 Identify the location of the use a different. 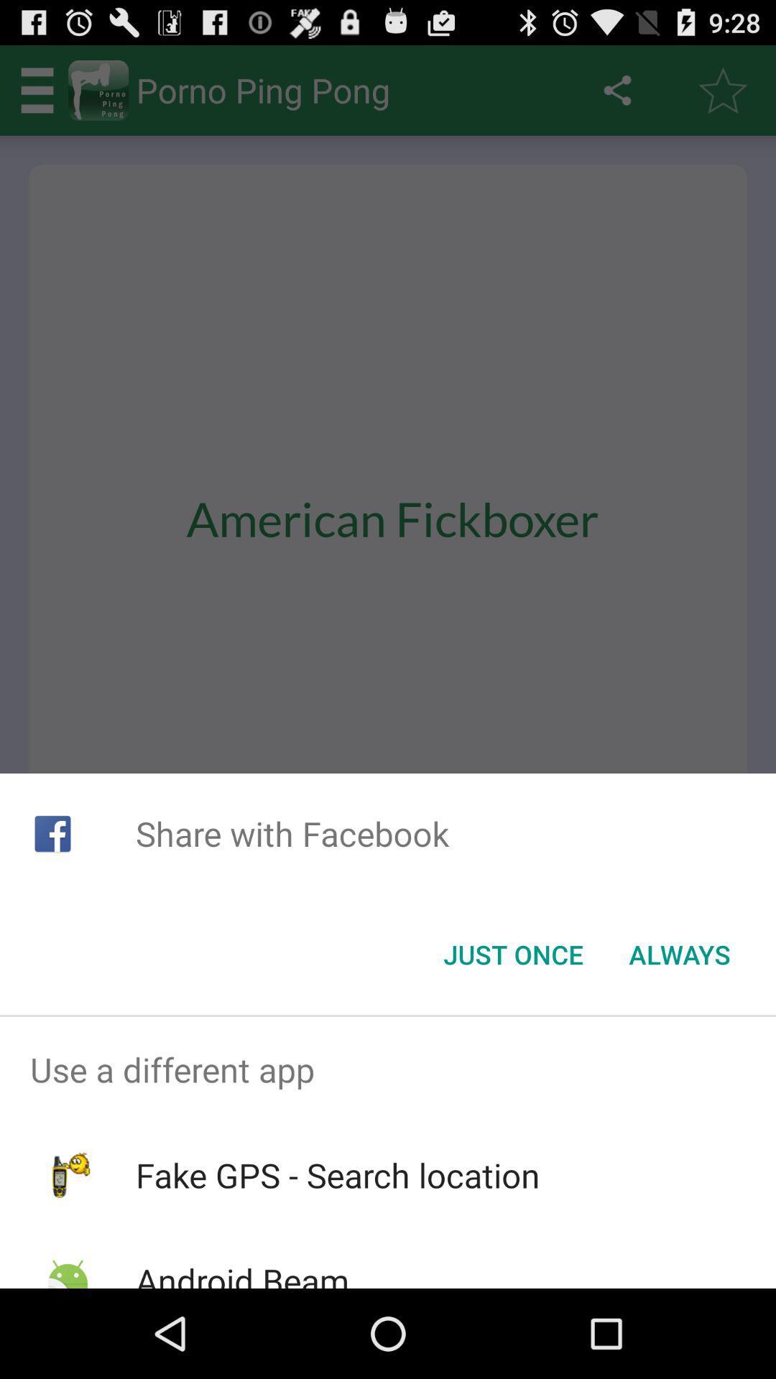
(388, 1069).